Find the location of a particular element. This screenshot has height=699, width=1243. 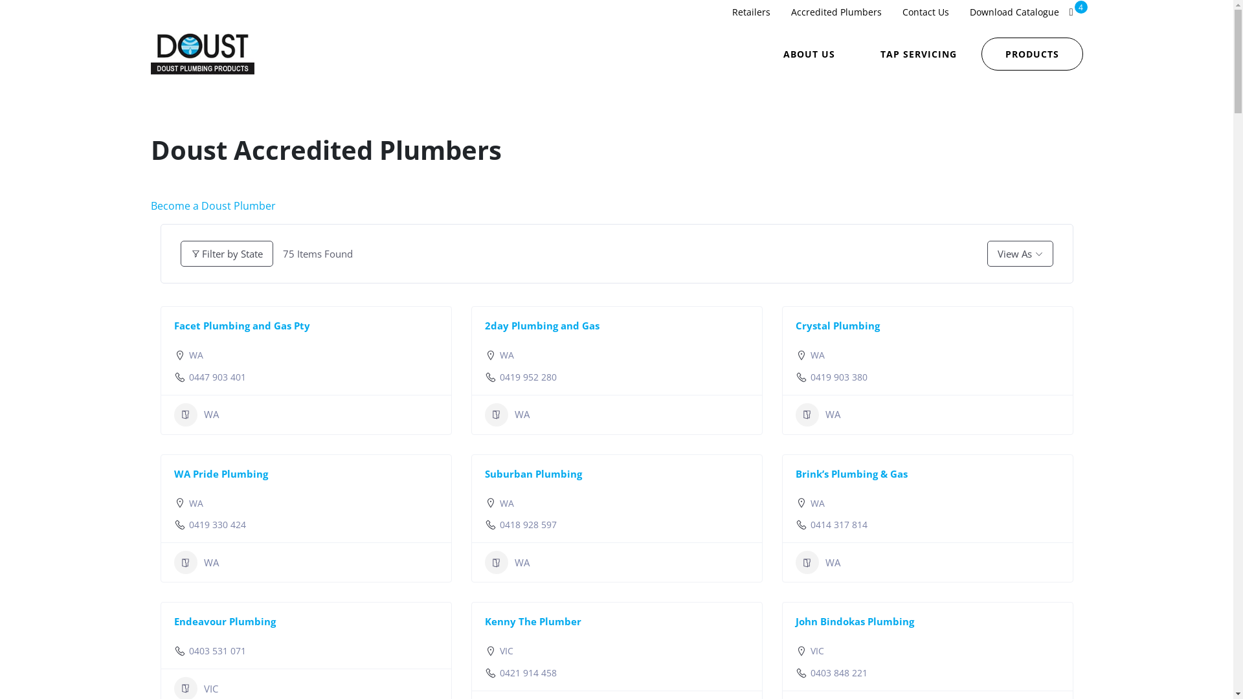

'2day Plumbing and Gas' is located at coordinates (541, 324).